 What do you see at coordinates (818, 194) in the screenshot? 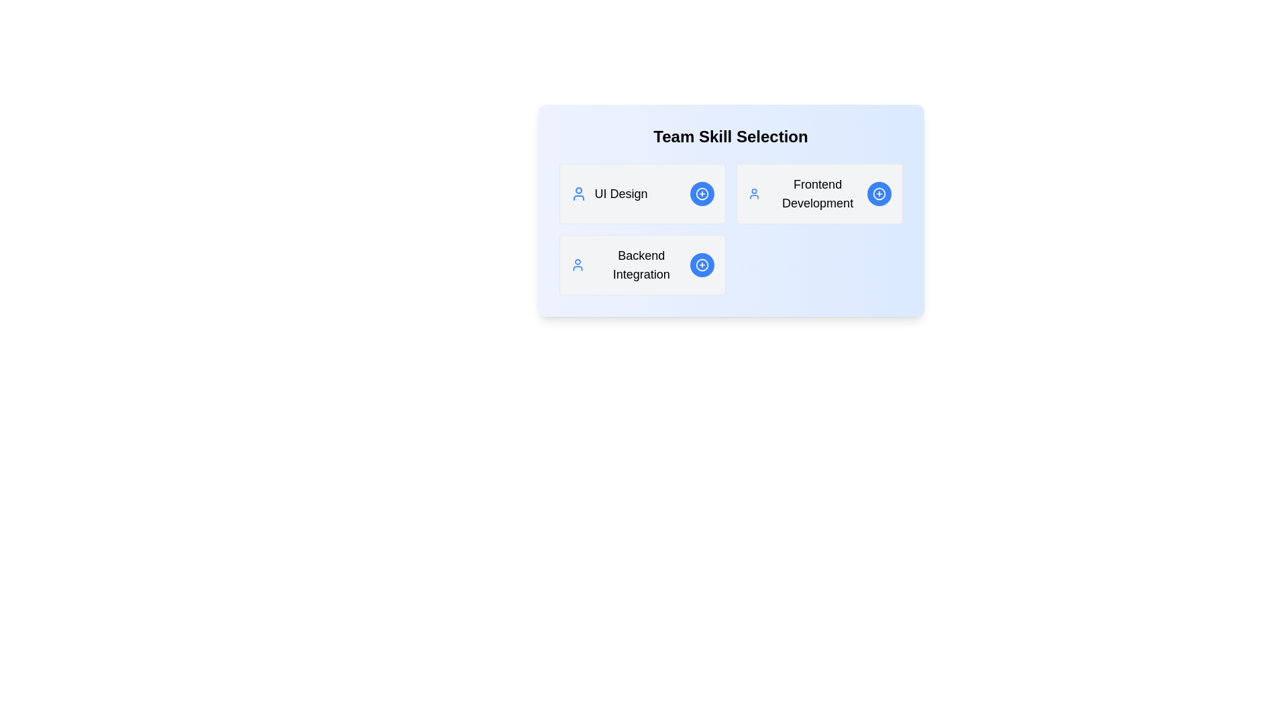
I see `the details of the skill Frontend Development` at bounding box center [818, 194].